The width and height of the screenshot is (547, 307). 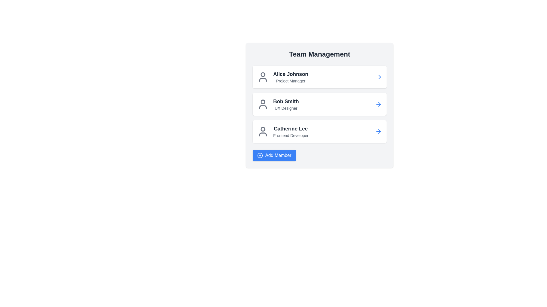 What do you see at coordinates (260, 155) in the screenshot?
I see `the blue circle icon with a white border inside the 'Add Member' button, located below the list of team members` at bounding box center [260, 155].